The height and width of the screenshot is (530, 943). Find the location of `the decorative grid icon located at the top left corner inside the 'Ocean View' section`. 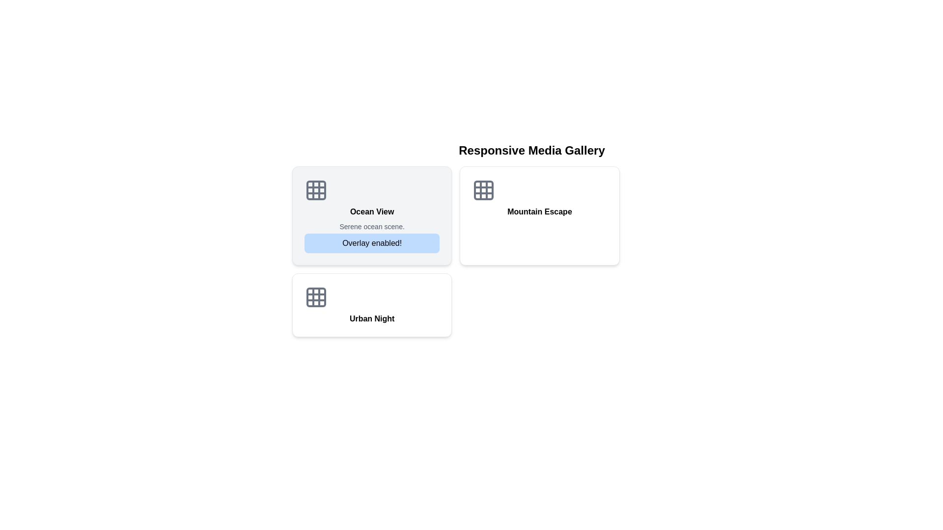

the decorative grid icon located at the top left corner inside the 'Ocean View' section is located at coordinates (316, 190).